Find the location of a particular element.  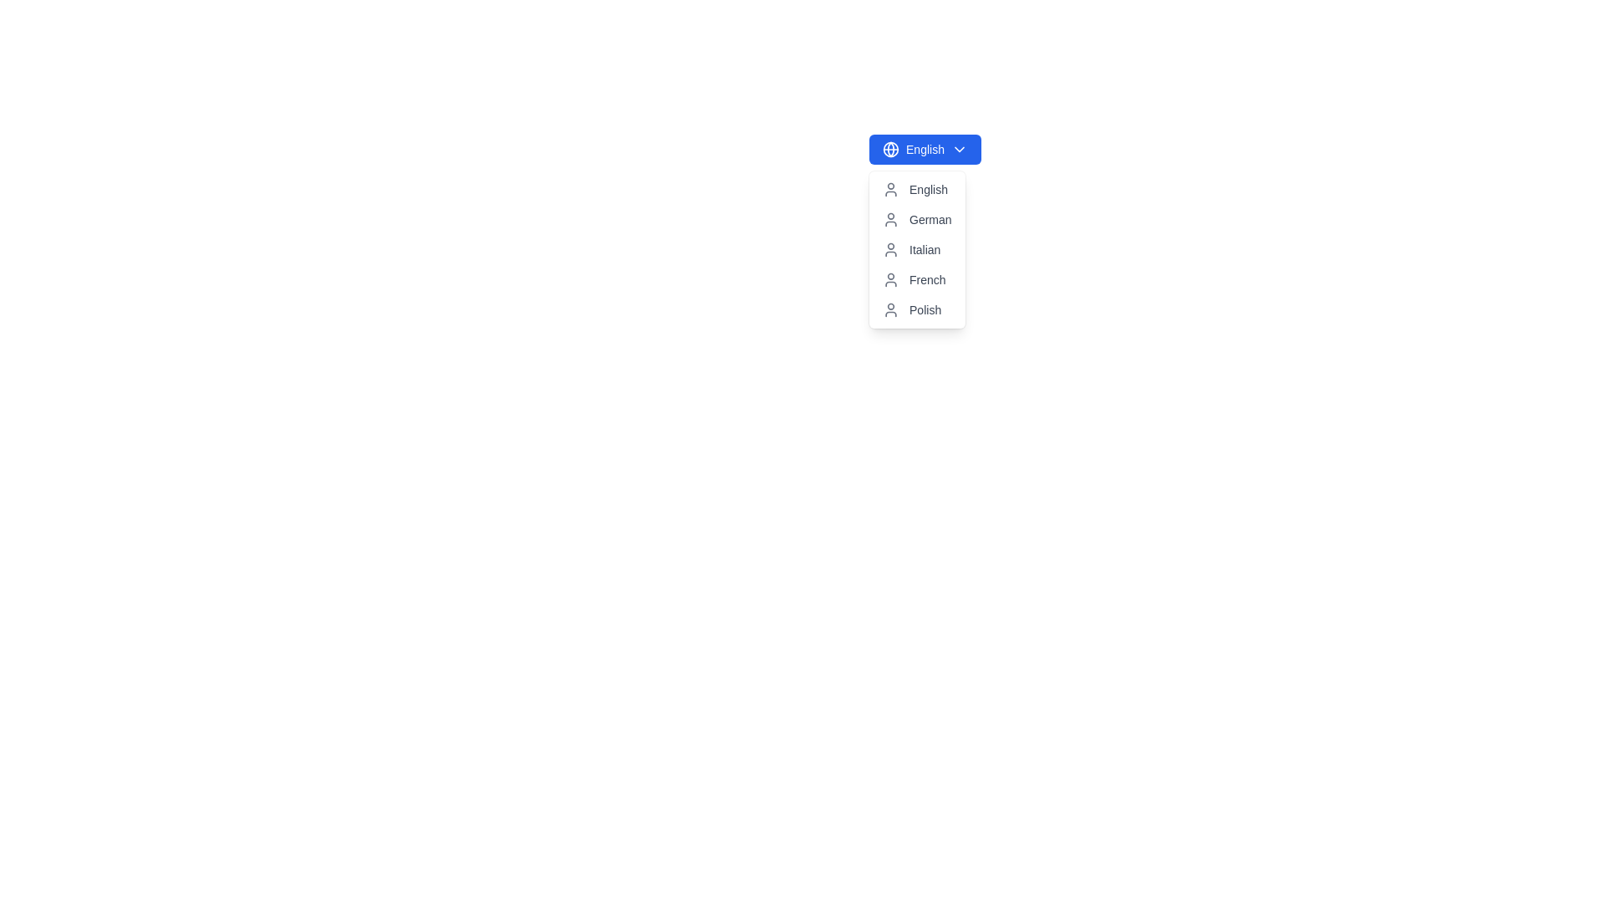

the decorative icon representing user-related content associated with the 'German' label in the dropdown list, which is positioned to the left of the text 'German' is located at coordinates (889, 218).